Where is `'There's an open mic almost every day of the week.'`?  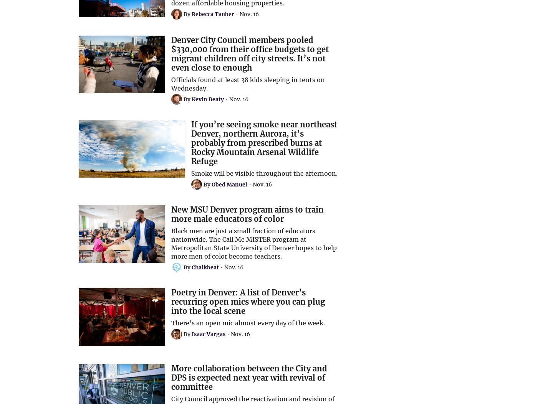 'There's an open mic almost every day of the week.' is located at coordinates (247, 322).